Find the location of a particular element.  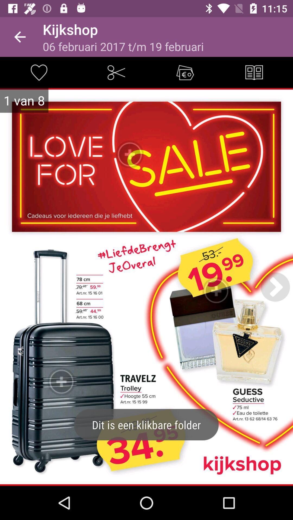

the label icon is located at coordinates (185, 72).